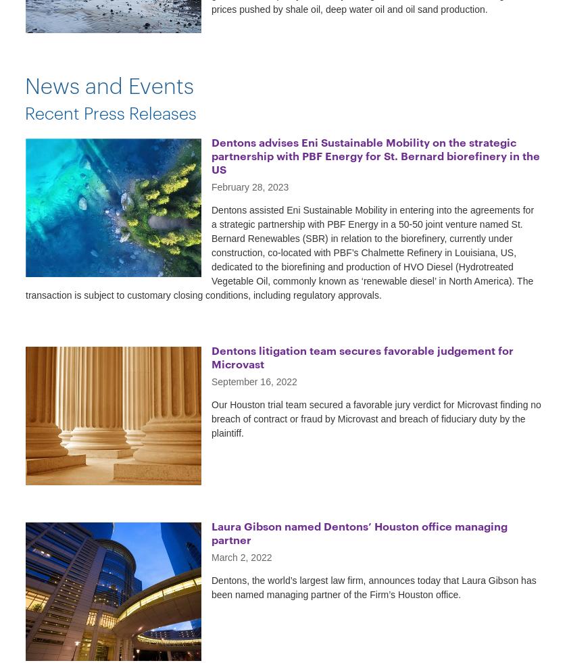 The height and width of the screenshot is (663, 567). What do you see at coordinates (241, 557) in the screenshot?
I see `'March 2, 2022'` at bounding box center [241, 557].